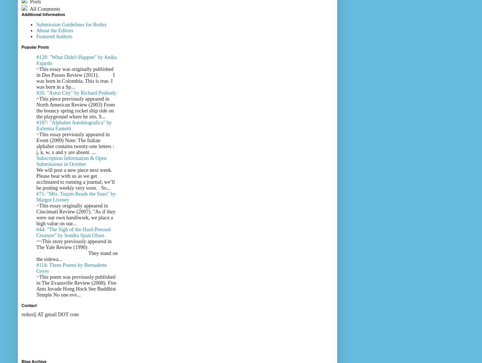 Image resolution: width=482 pixels, height=363 pixels. I want to click on 'Featured Authors', so click(54, 36).